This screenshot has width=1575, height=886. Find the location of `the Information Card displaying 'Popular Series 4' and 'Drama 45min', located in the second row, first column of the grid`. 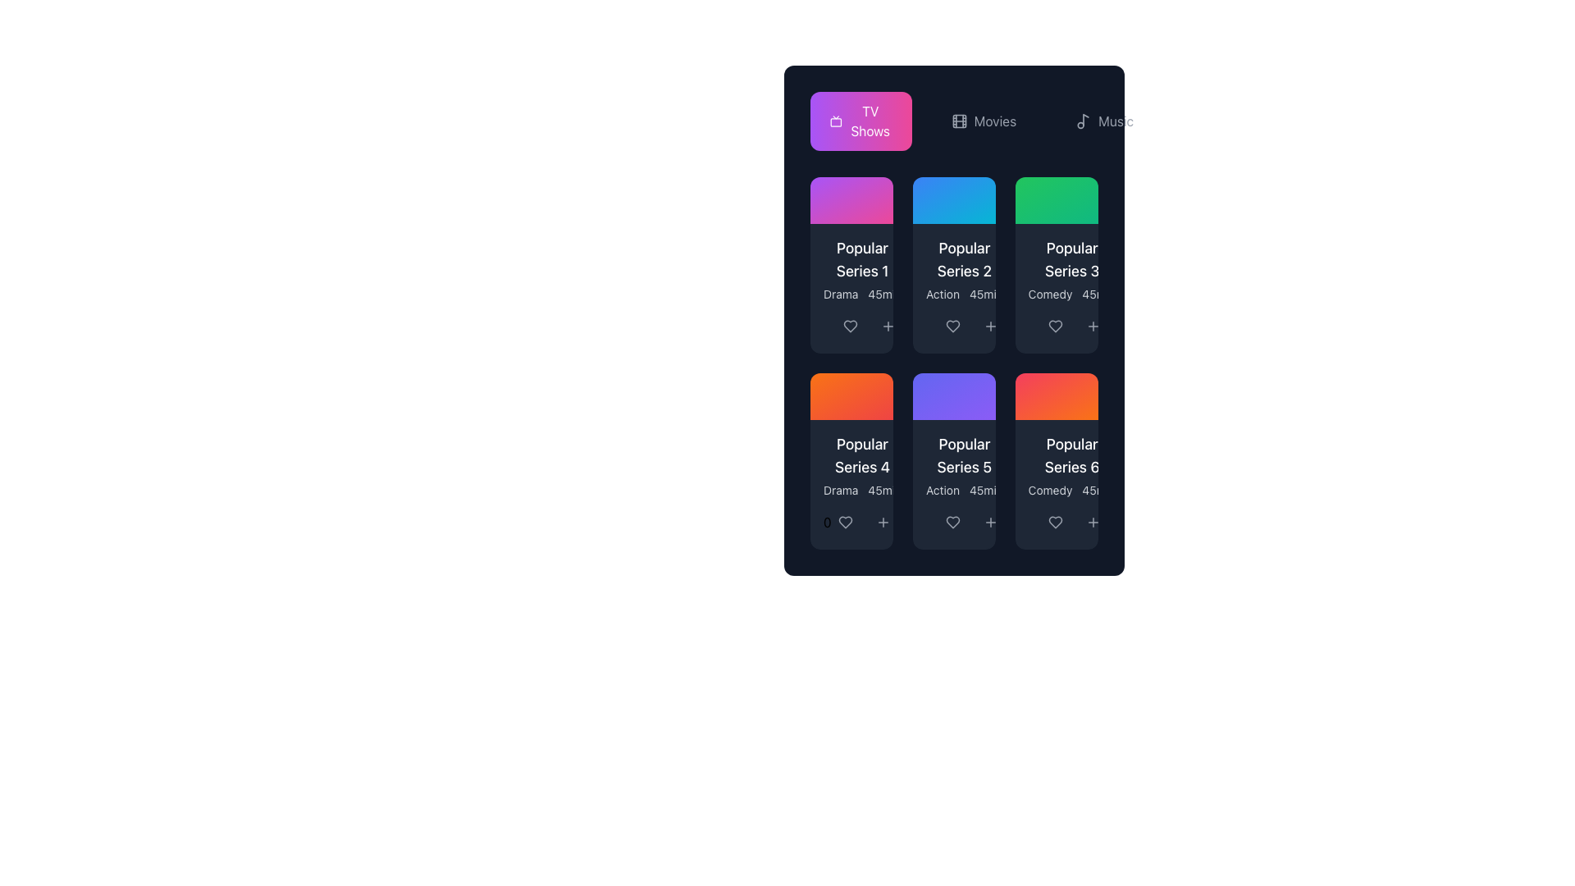

the Information Card displaying 'Popular Series 4' and 'Drama 45min', located in the second row, first column of the grid is located at coordinates (861, 465).